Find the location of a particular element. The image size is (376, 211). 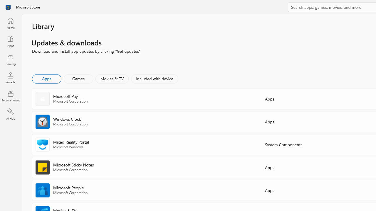

'AI Hub' is located at coordinates (10, 114).